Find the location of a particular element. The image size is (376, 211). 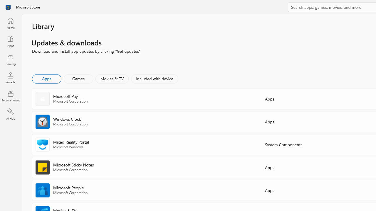

'AI Hub' is located at coordinates (10, 114).